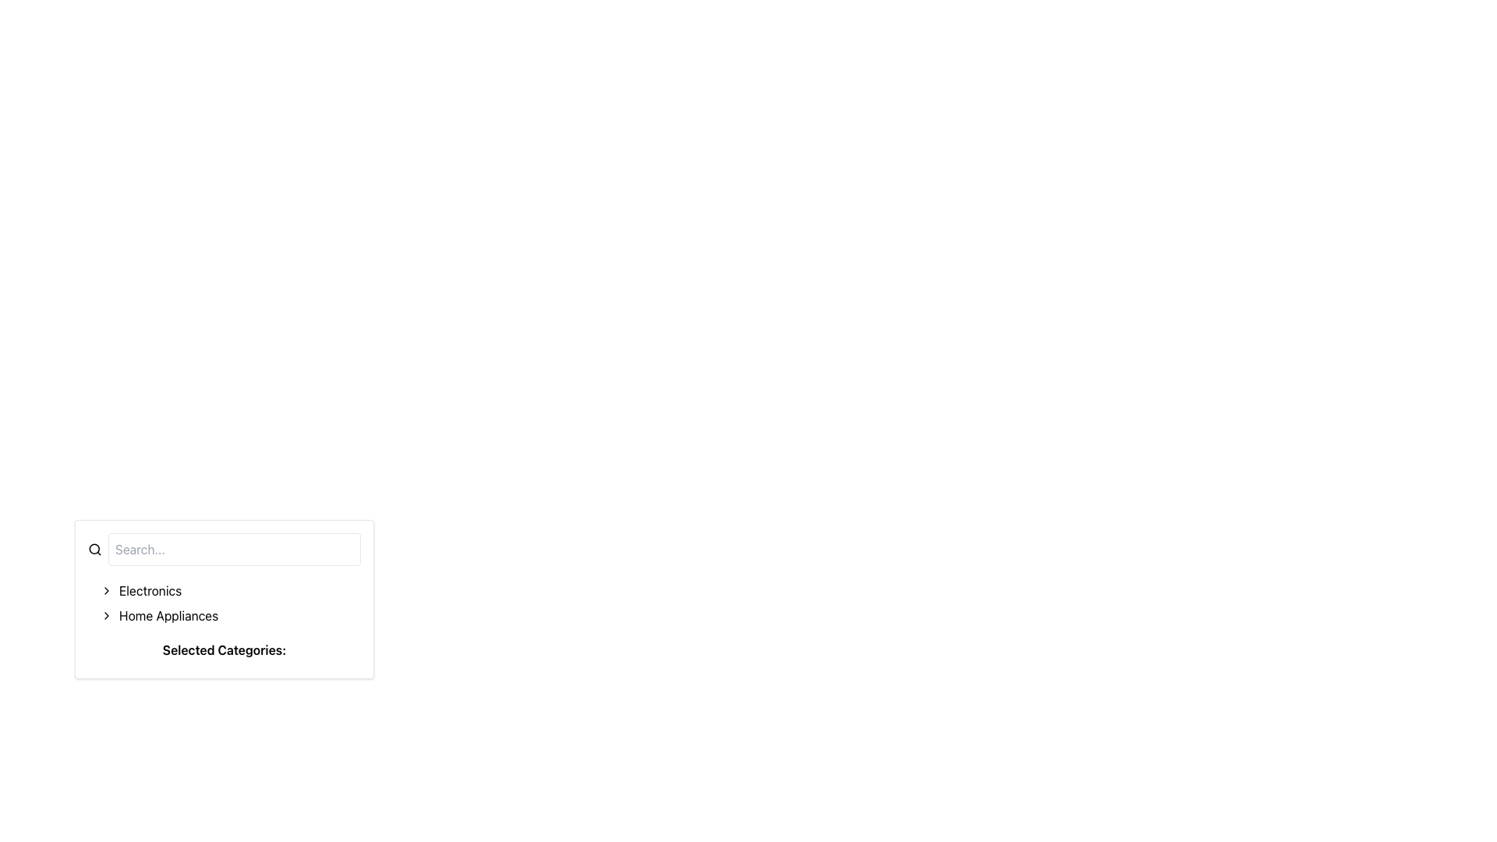 Image resolution: width=1497 pixels, height=842 pixels. What do you see at coordinates (106, 615) in the screenshot?
I see `the chevron icon located at the far left of the 'Home Appliances' row item` at bounding box center [106, 615].